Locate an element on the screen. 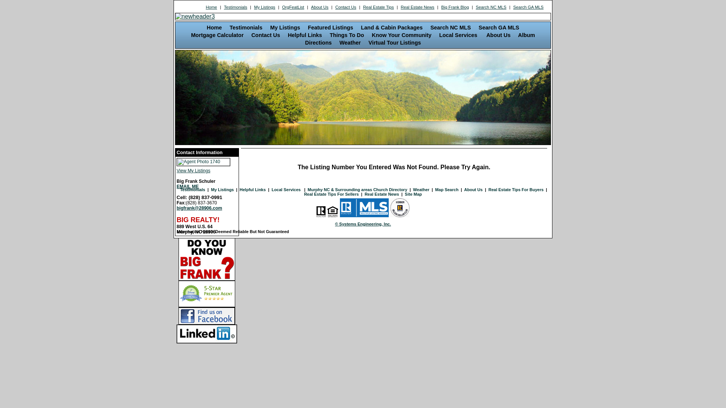  'Site Map' is located at coordinates (413, 193).